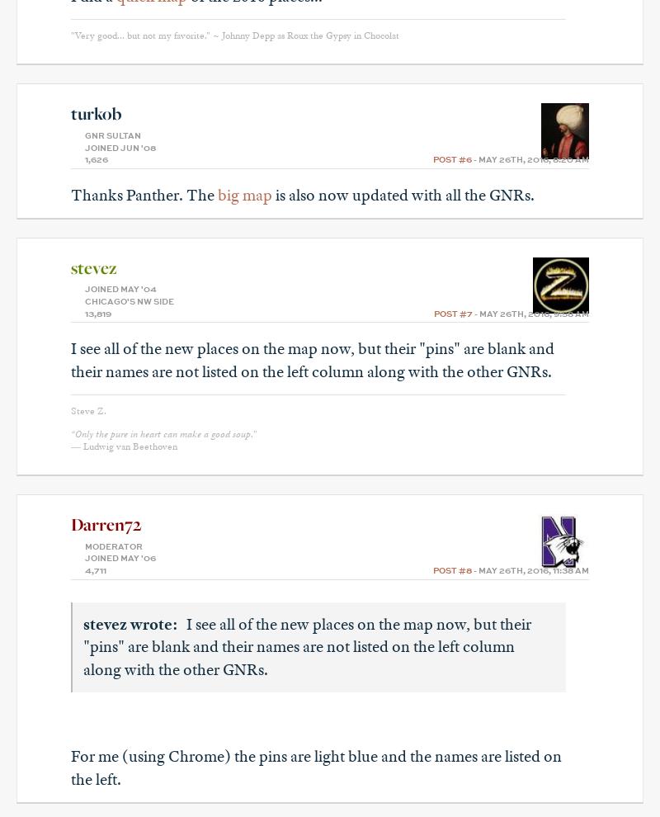  I want to click on 'For me (using Chrome) the pins are light blue and the names are listed on the left.', so click(71, 767).